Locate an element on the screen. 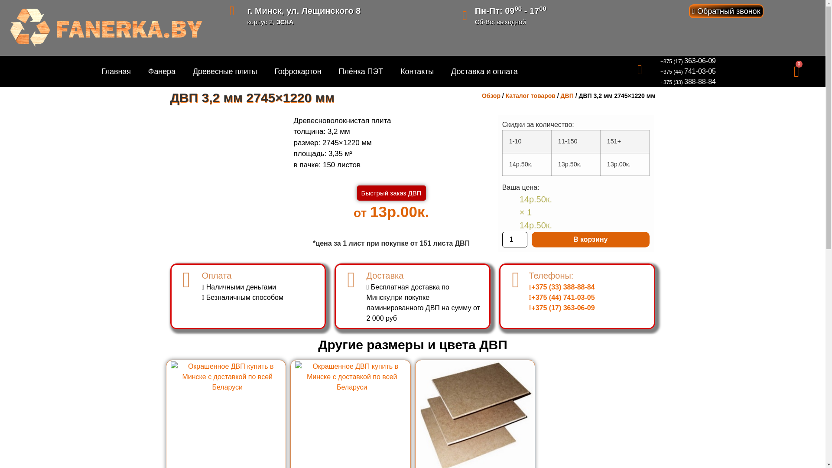  '+375 (17) 363-06-09' is located at coordinates (660, 61).